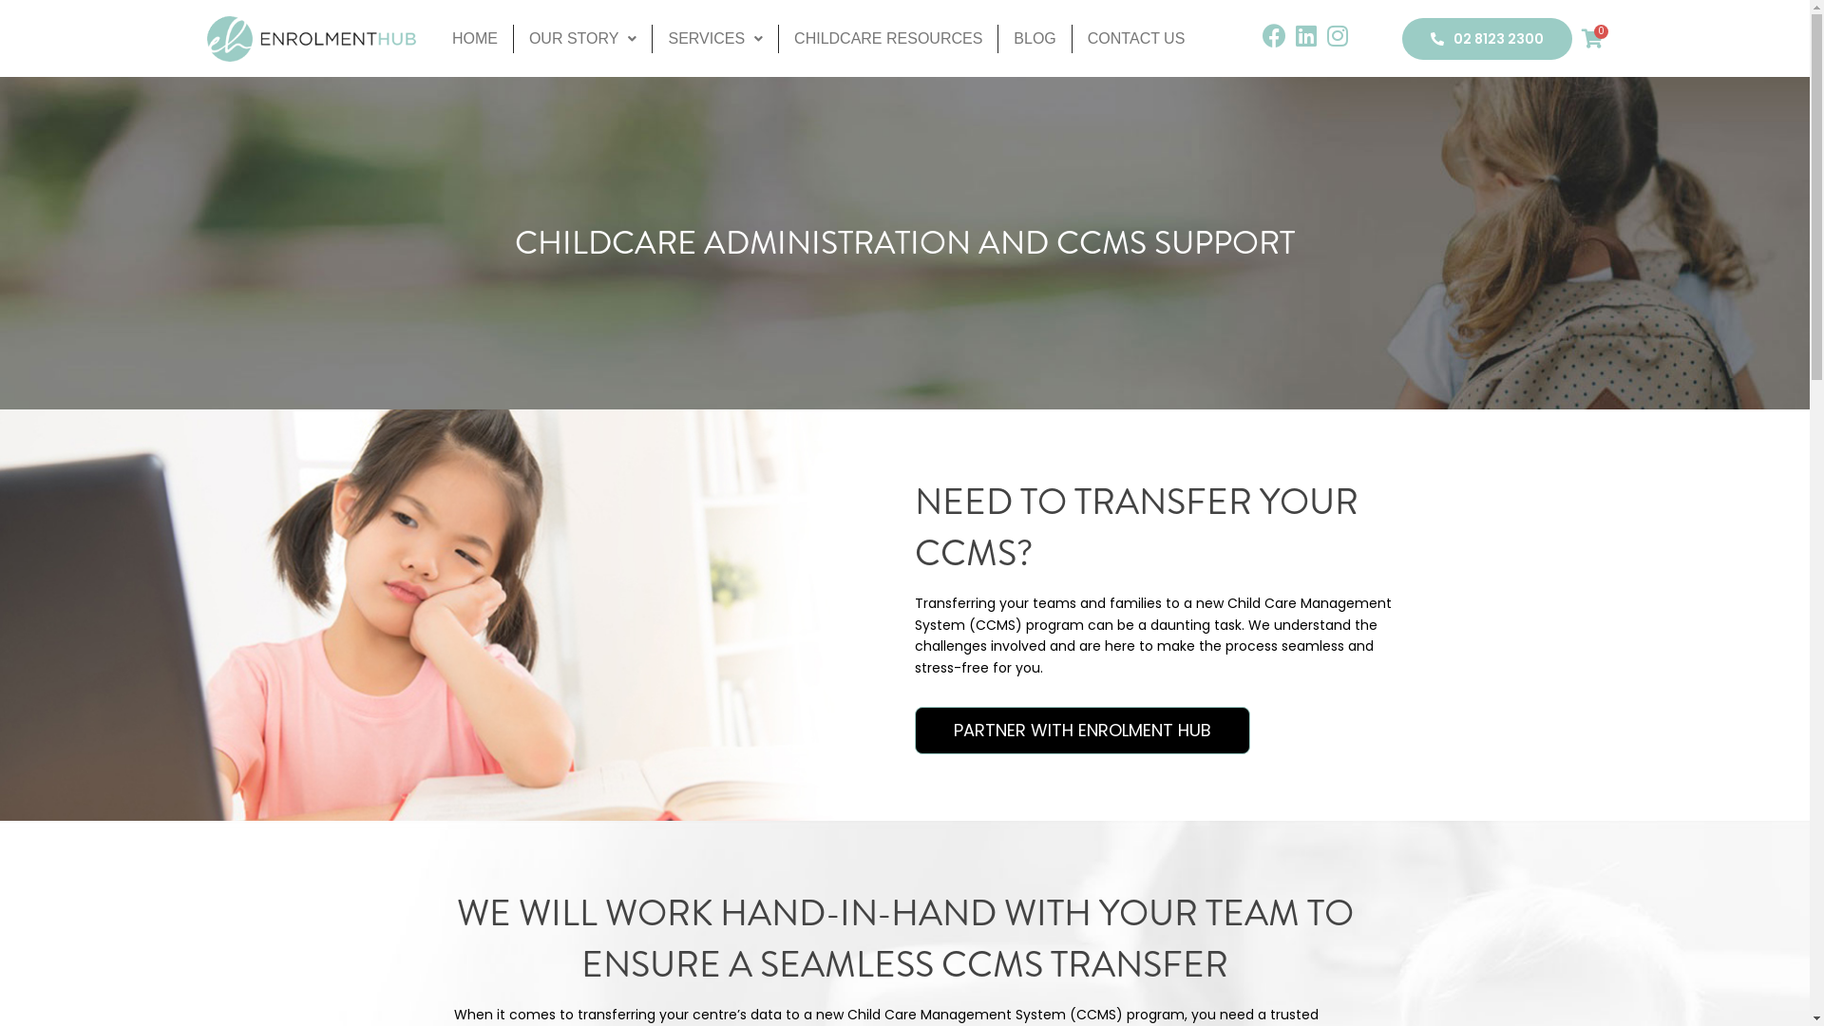 This screenshot has height=1026, width=1824. Describe the element at coordinates (582, 39) in the screenshot. I see `'OUR STORY'` at that location.